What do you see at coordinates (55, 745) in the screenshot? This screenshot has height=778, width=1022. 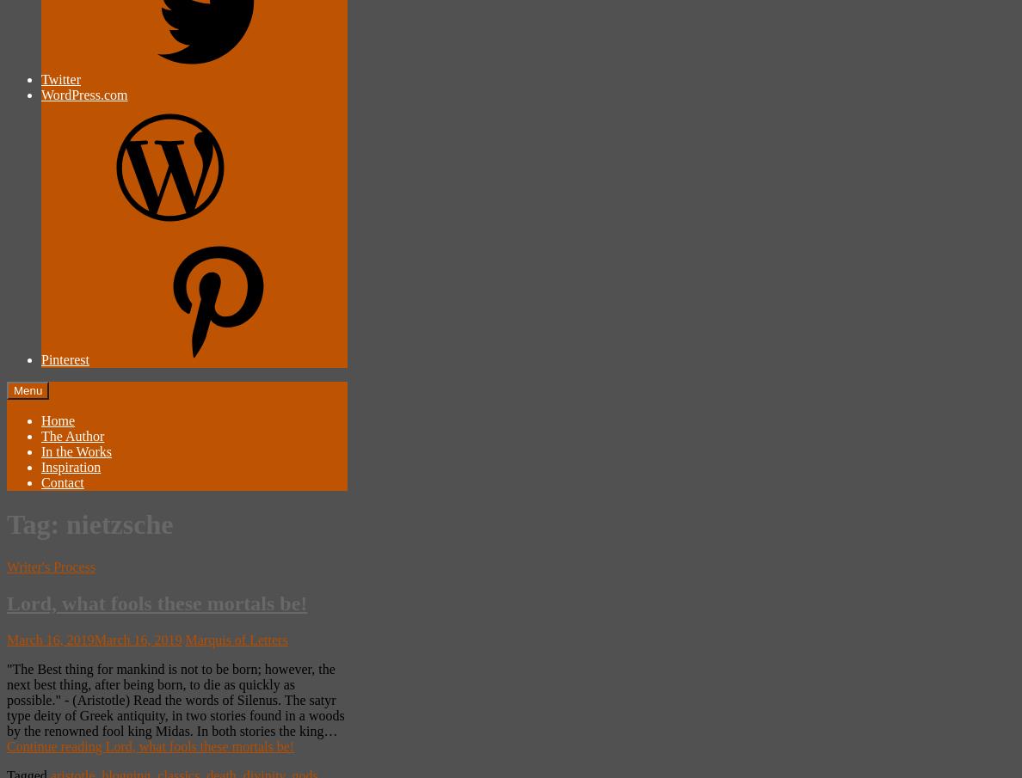 I see `'Continue reading'` at bounding box center [55, 745].